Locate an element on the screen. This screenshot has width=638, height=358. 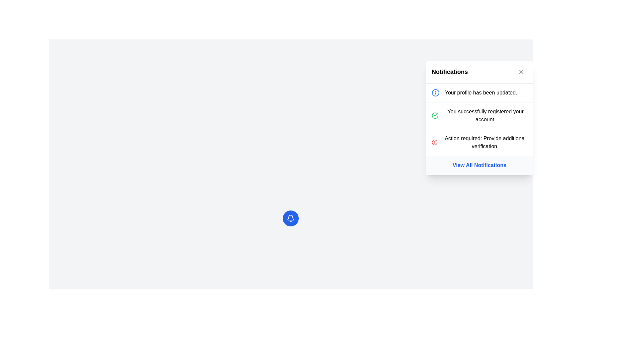
status notification indicating the successful completion of the account registration process, which is the second in a vertical list of notifications is located at coordinates (479, 115).